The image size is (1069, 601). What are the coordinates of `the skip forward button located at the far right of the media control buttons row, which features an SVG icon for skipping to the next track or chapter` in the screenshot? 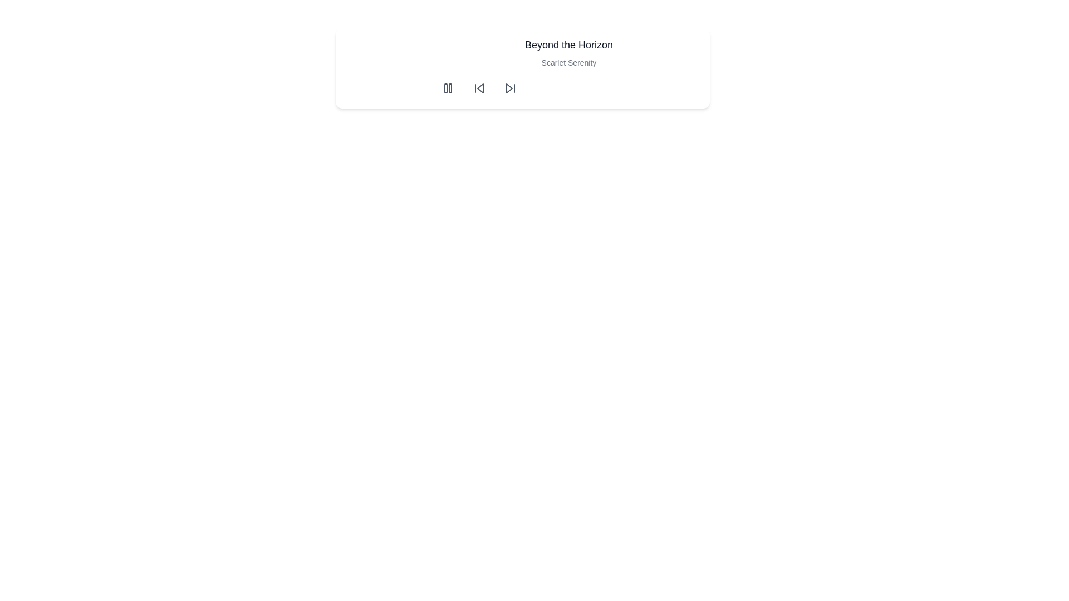 It's located at (509, 87).